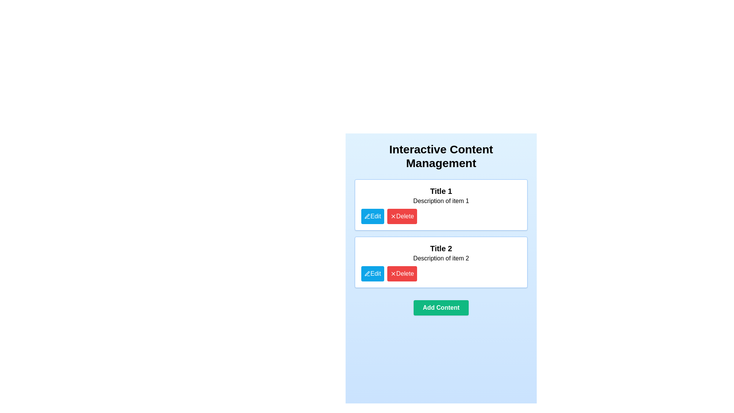 The image size is (734, 413). What do you see at coordinates (367, 216) in the screenshot?
I see `the small graphical icon resembling a pen or edit tool within the 'Edit' button` at bounding box center [367, 216].